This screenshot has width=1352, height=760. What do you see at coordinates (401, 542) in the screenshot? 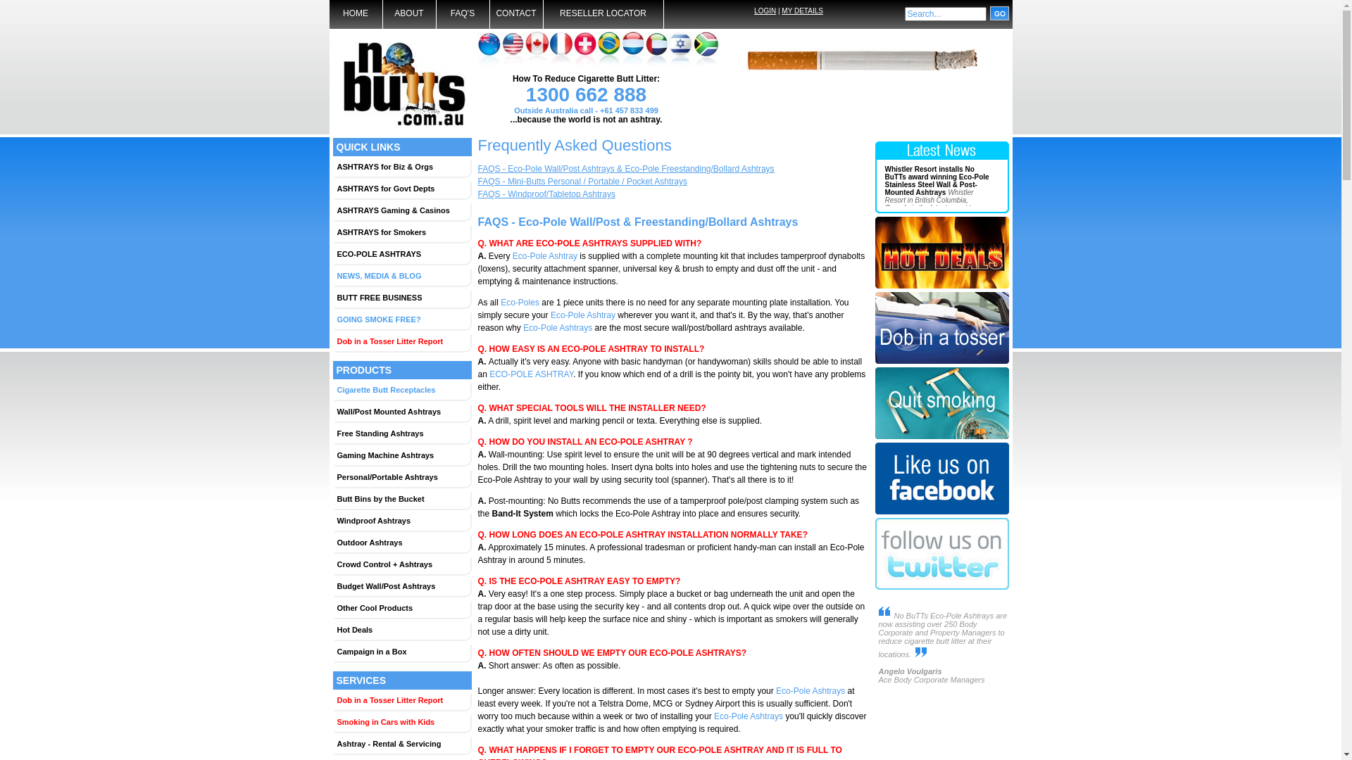
I see `'Outdoor Ashtrays'` at bounding box center [401, 542].